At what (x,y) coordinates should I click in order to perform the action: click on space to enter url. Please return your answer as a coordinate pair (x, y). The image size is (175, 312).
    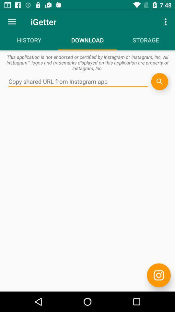
    Looking at the image, I should click on (78, 81).